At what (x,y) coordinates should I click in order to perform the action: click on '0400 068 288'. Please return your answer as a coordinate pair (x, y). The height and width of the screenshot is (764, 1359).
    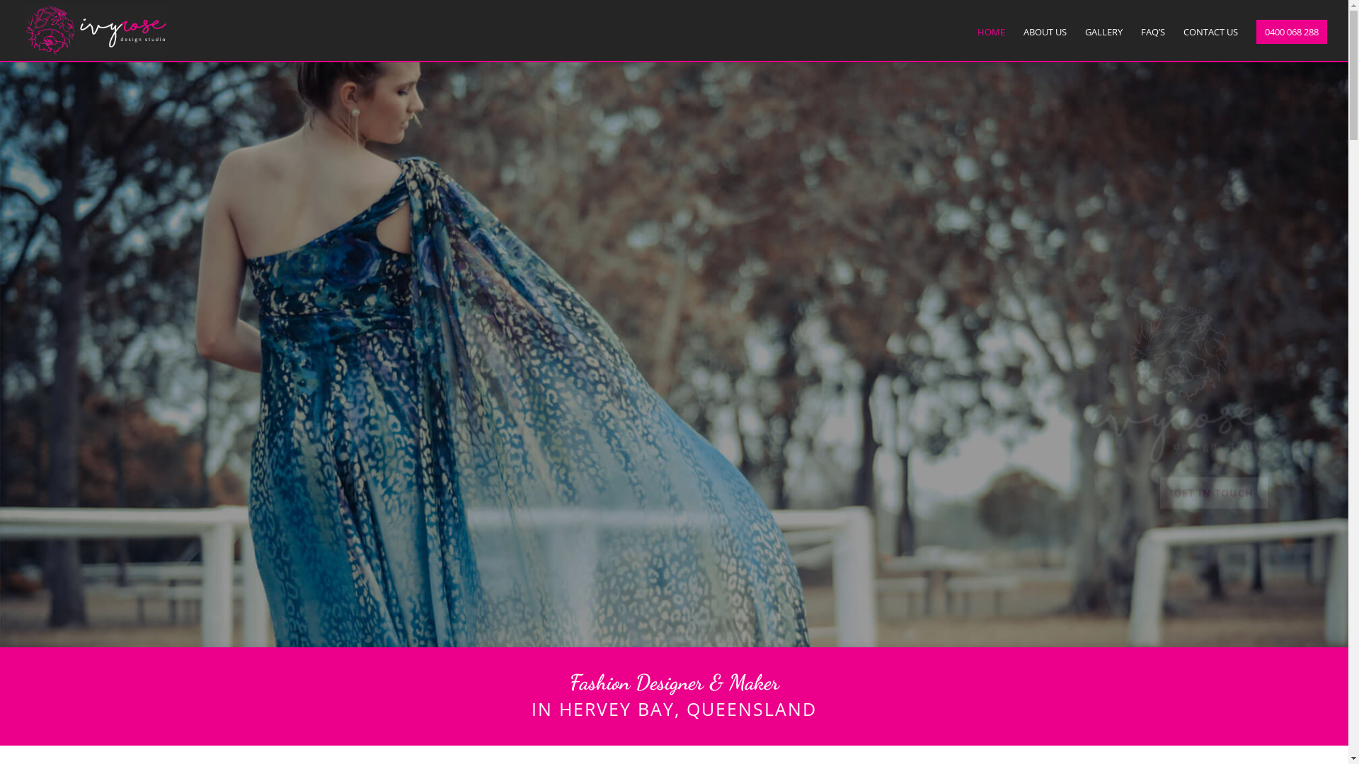
    Looking at the image, I should click on (1256, 32).